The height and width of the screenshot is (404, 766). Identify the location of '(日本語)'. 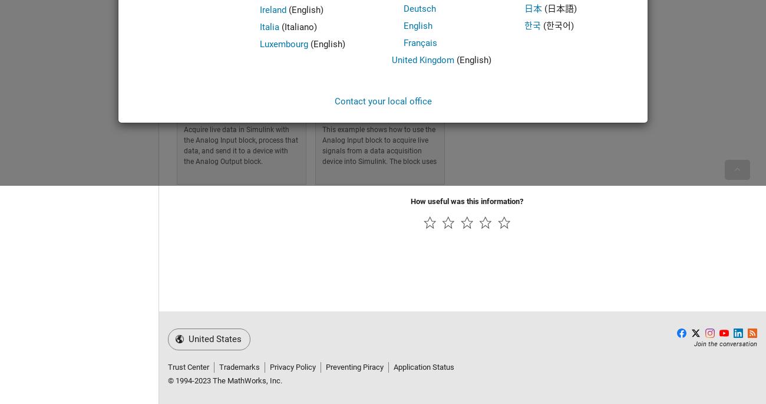
(559, 8).